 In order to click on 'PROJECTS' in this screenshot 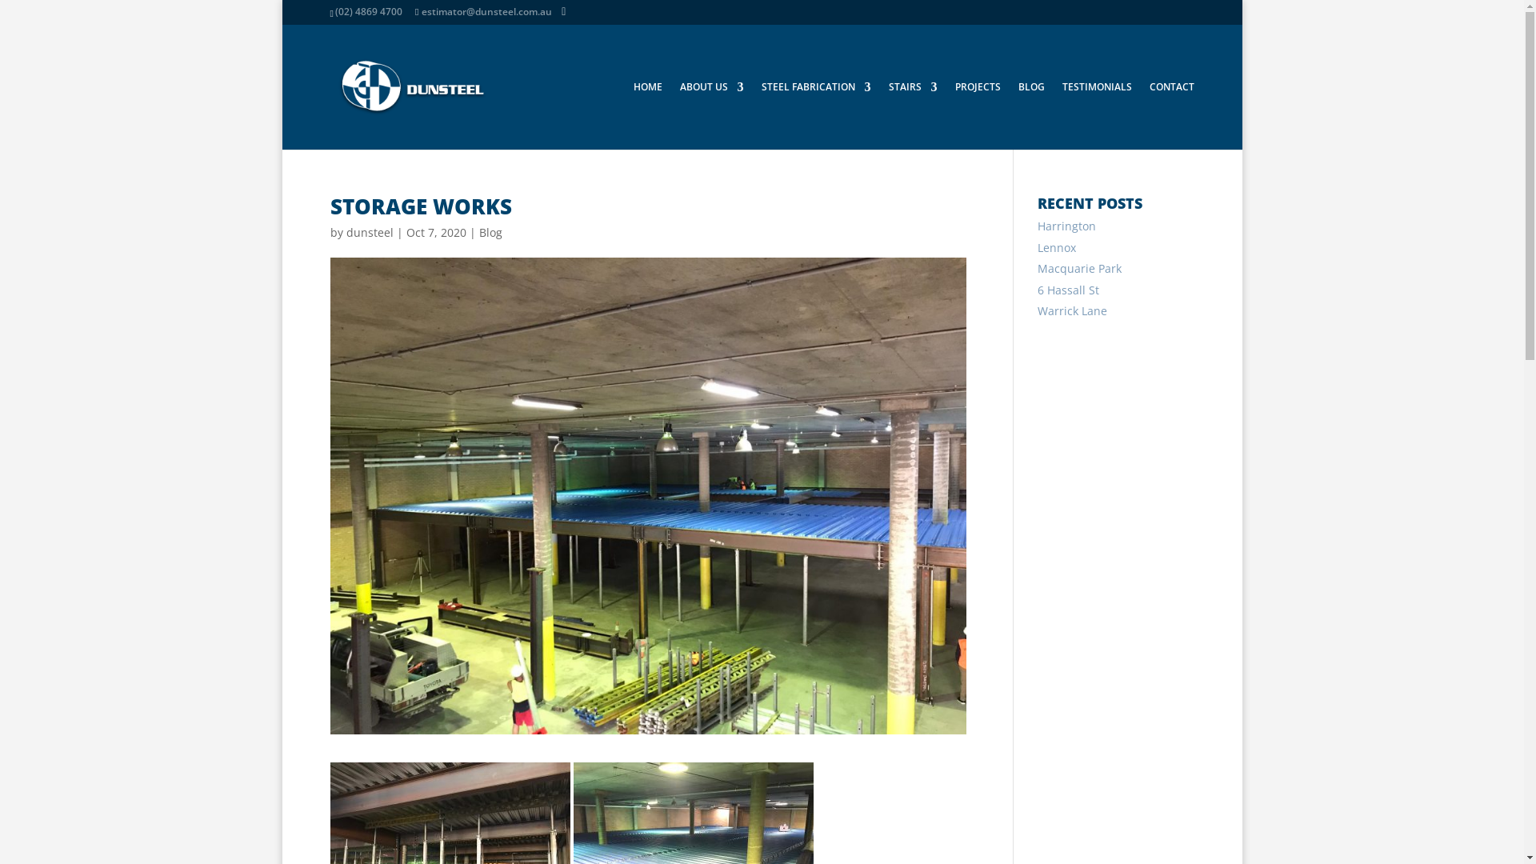, I will do `click(977, 114)`.